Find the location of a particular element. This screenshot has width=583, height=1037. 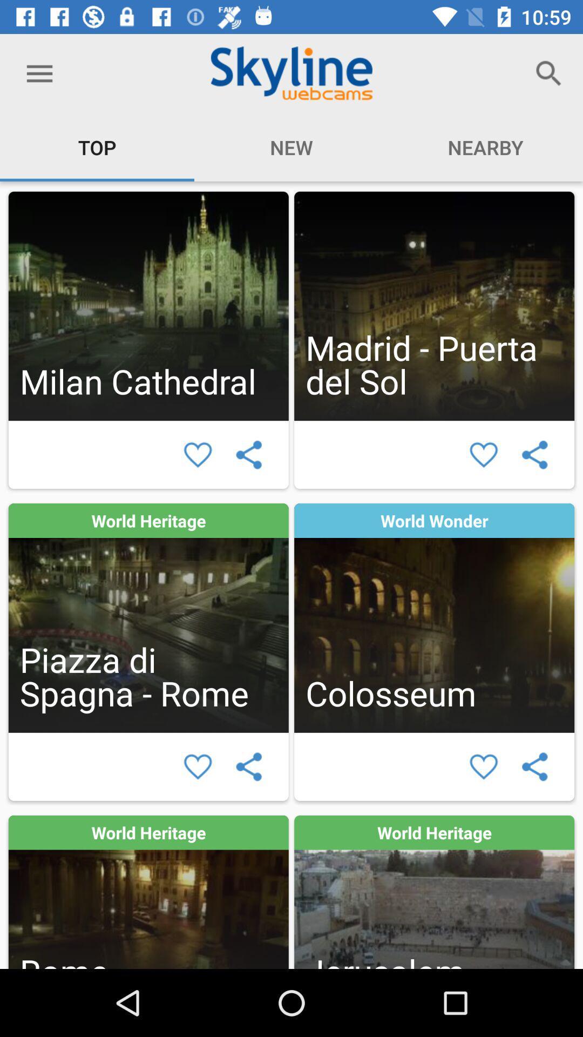

the picture is located at coordinates (198, 455).